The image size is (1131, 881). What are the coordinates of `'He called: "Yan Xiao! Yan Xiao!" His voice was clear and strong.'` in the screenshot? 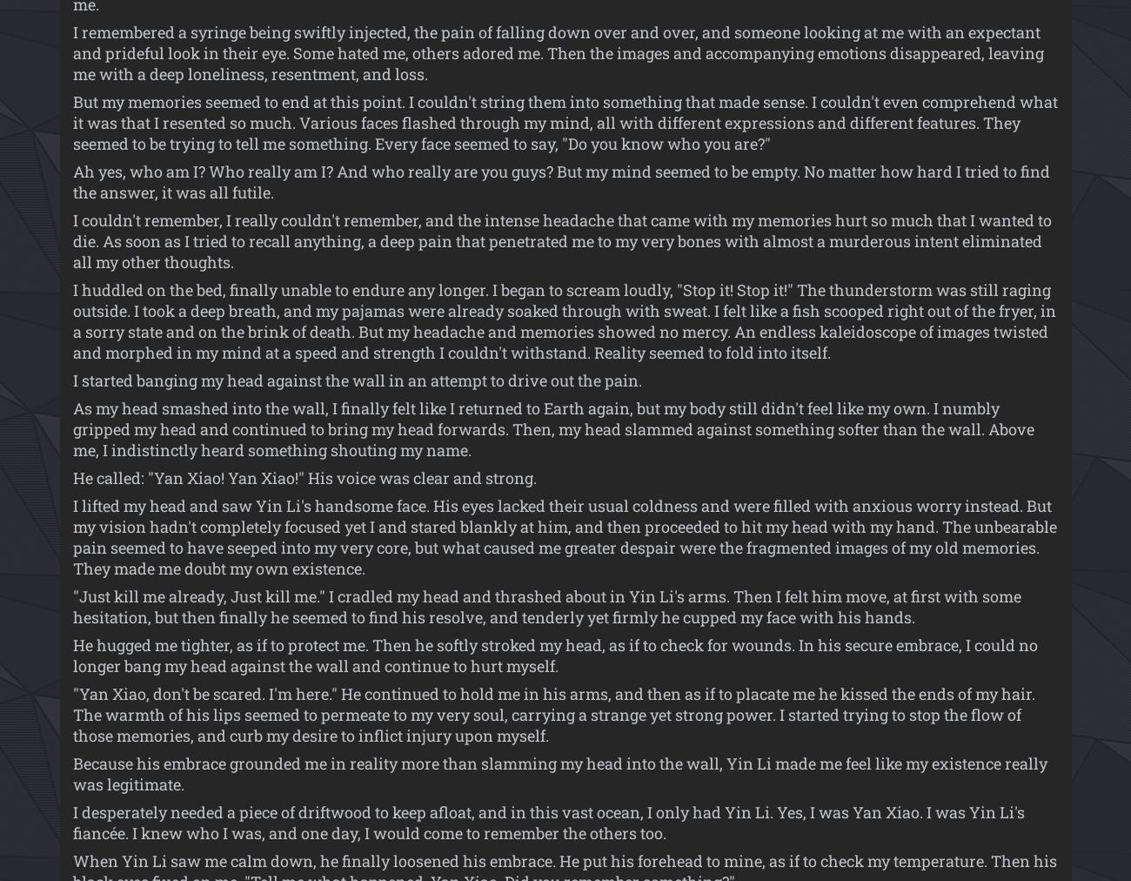 It's located at (303, 477).